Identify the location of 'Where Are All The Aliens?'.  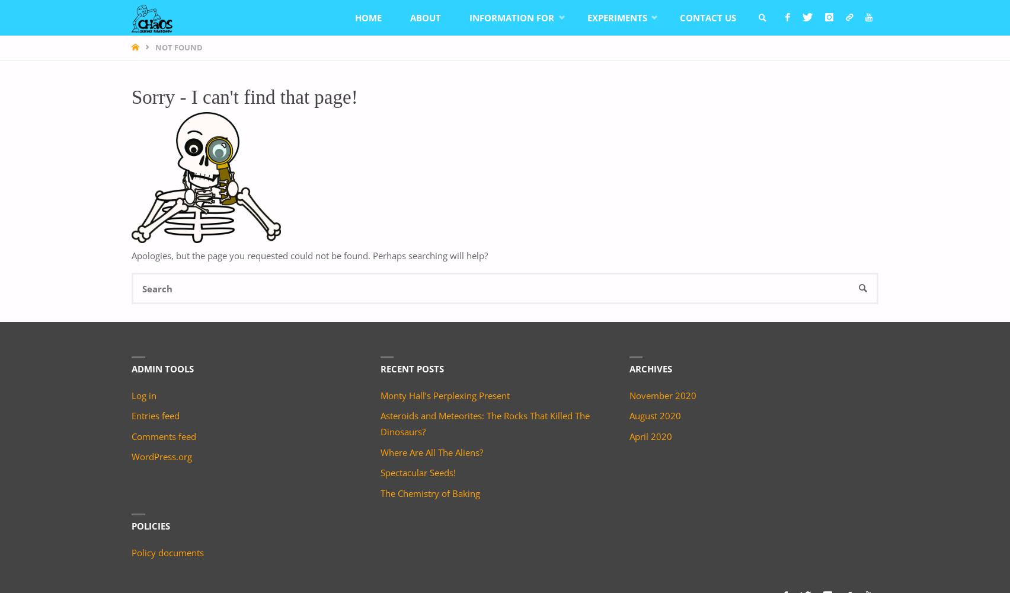
(430, 452).